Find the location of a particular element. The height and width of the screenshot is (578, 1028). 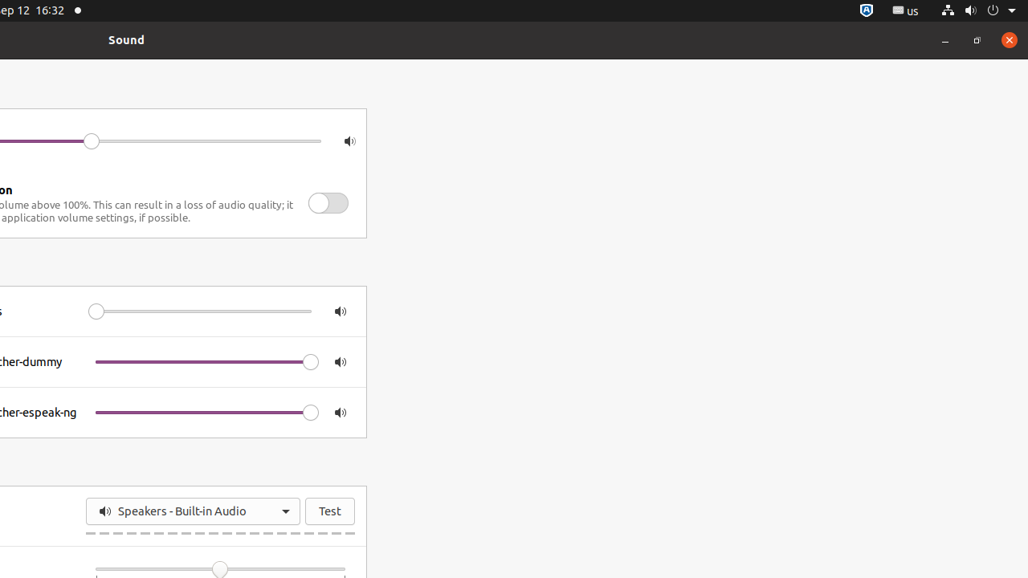

'Test' is located at coordinates (329, 511).